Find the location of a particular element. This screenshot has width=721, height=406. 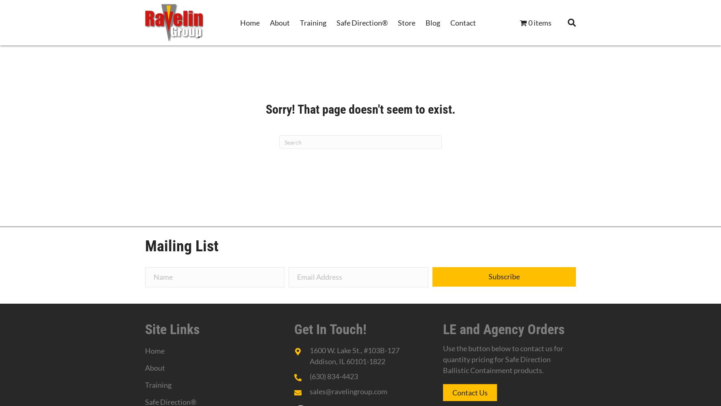

'Use the button below to contact us for quantity pricing for Safe Direction Ballistic Containment products.' is located at coordinates (503, 359).